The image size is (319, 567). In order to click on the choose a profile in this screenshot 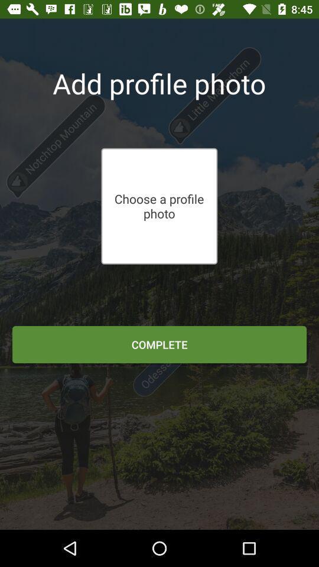, I will do `click(159, 206)`.